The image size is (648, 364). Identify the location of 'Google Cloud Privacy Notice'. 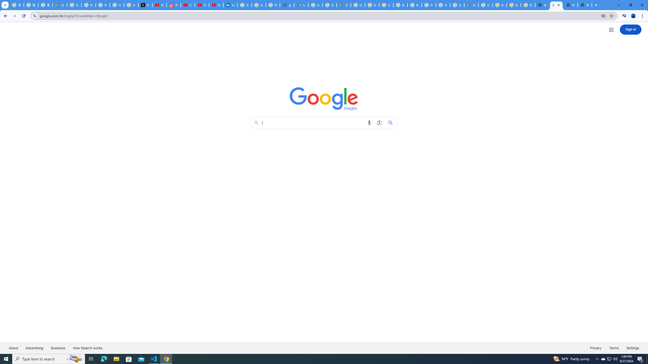
(60, 5).